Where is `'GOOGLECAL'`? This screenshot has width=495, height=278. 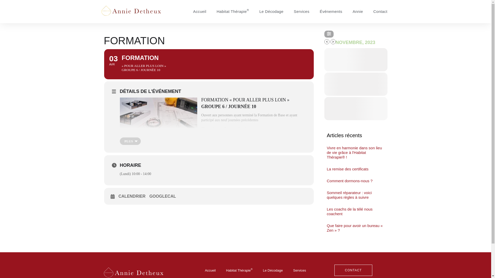
'GOOGLECAL' is located at coordinates (164, 196).